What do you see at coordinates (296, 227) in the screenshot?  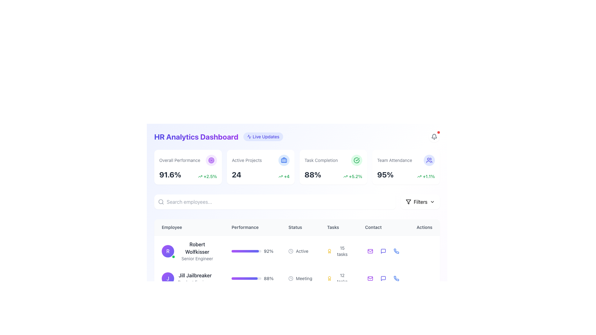 I see `the 'Status' header cell in the table, which is positioned between the 'Performance' and 'Tasks' header cells, located centrally near the top of the list table` at bounding box center [296, 227].